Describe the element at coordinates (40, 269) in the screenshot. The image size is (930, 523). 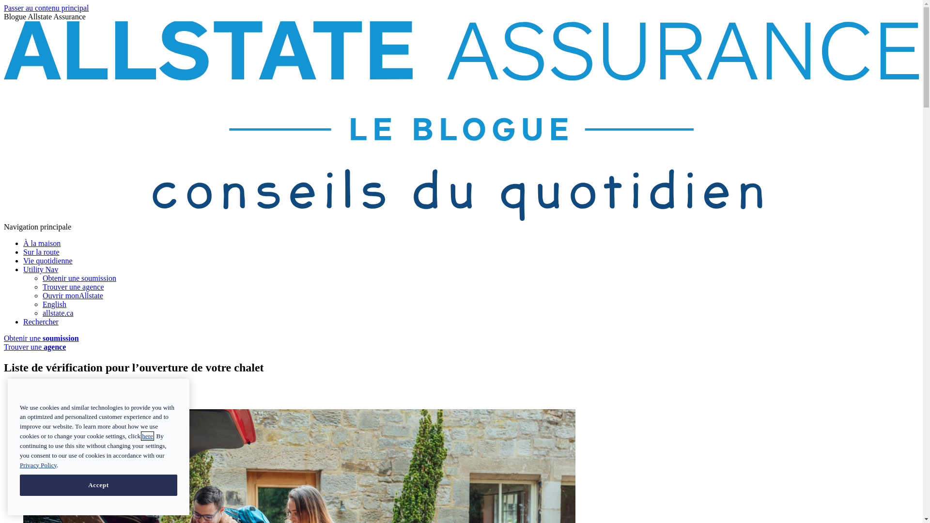
I see `'Utility Nav'` at that location.